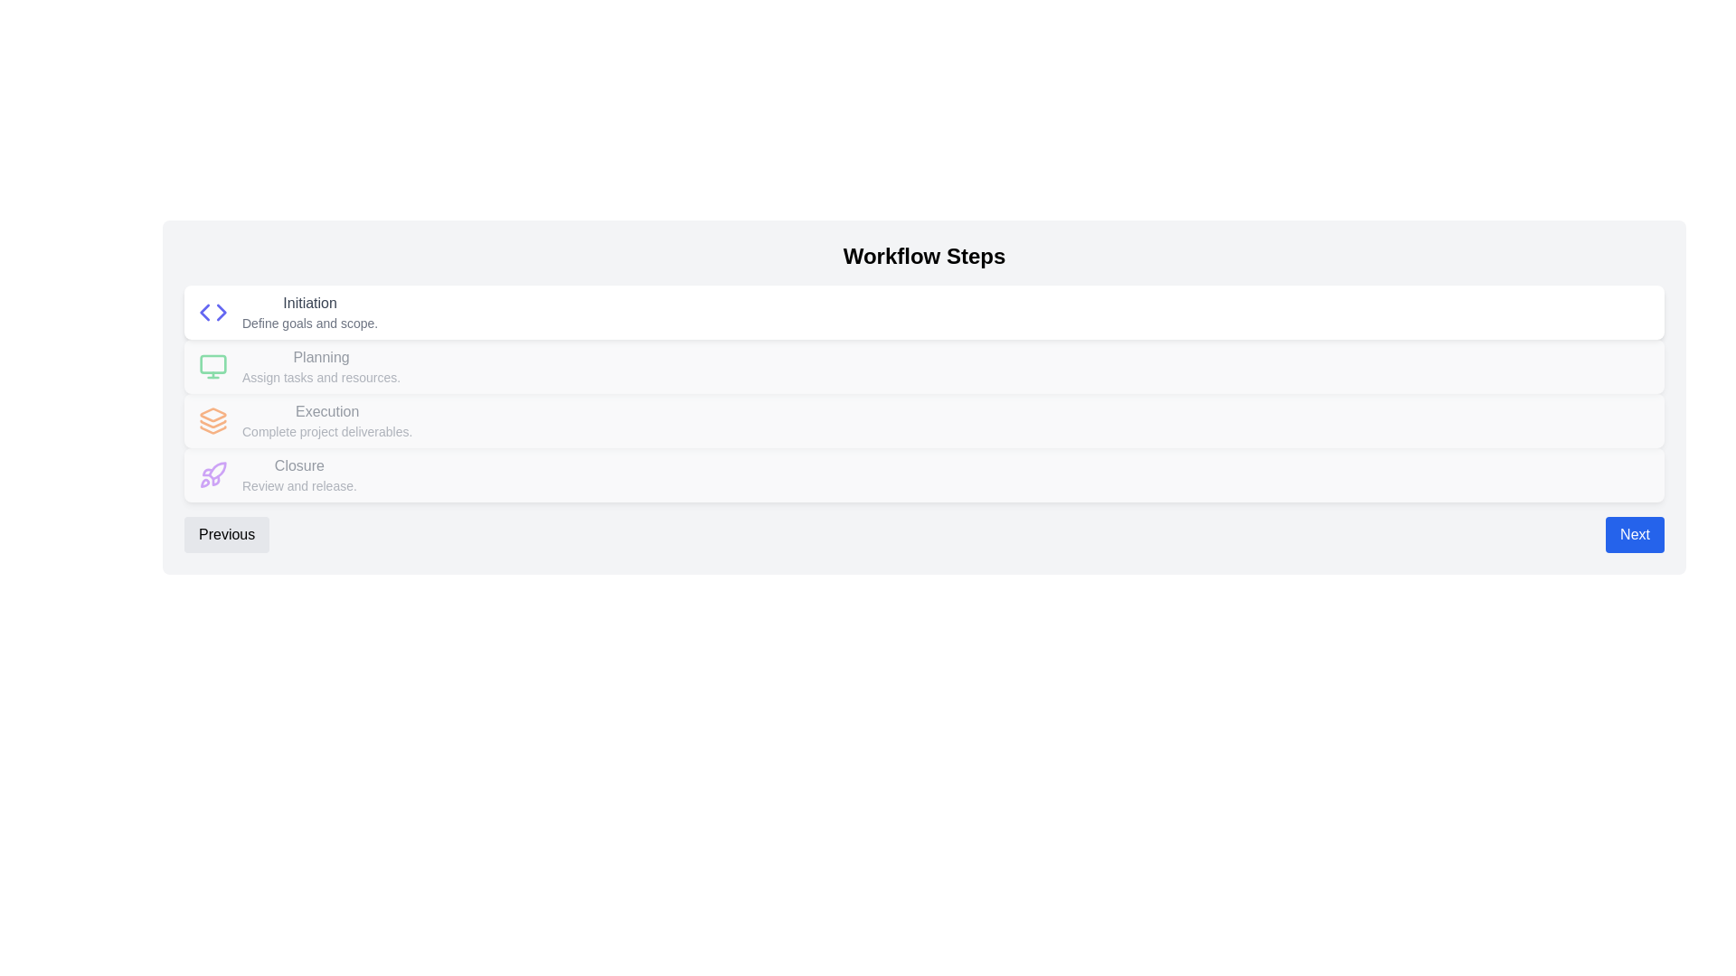 The height and width of the screenshot is (976, 1736). I want to click on text label displaying 'Define goals and scope.' located below the 'Initiation' step in the Workflow Steps interface, so click(310, 323).